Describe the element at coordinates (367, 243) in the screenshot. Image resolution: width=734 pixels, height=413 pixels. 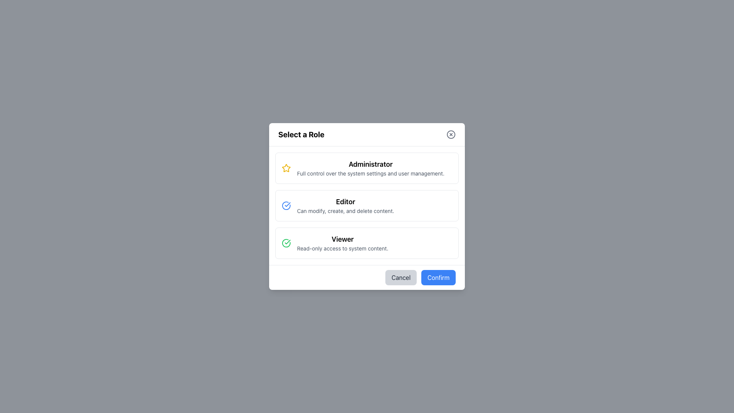
I see `the third List Item in the 'Select a Role' dialog box` at that location.